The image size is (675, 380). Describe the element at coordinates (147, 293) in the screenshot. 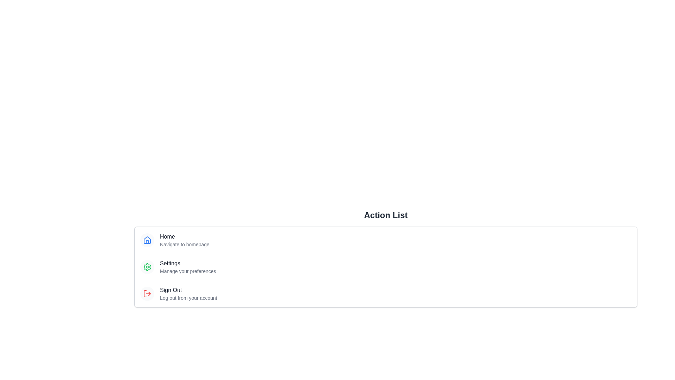

I see `the 'Sign Out' icon, which is the third element in the vertical action list below the 'Home' and 'Settings' icons` at that location.